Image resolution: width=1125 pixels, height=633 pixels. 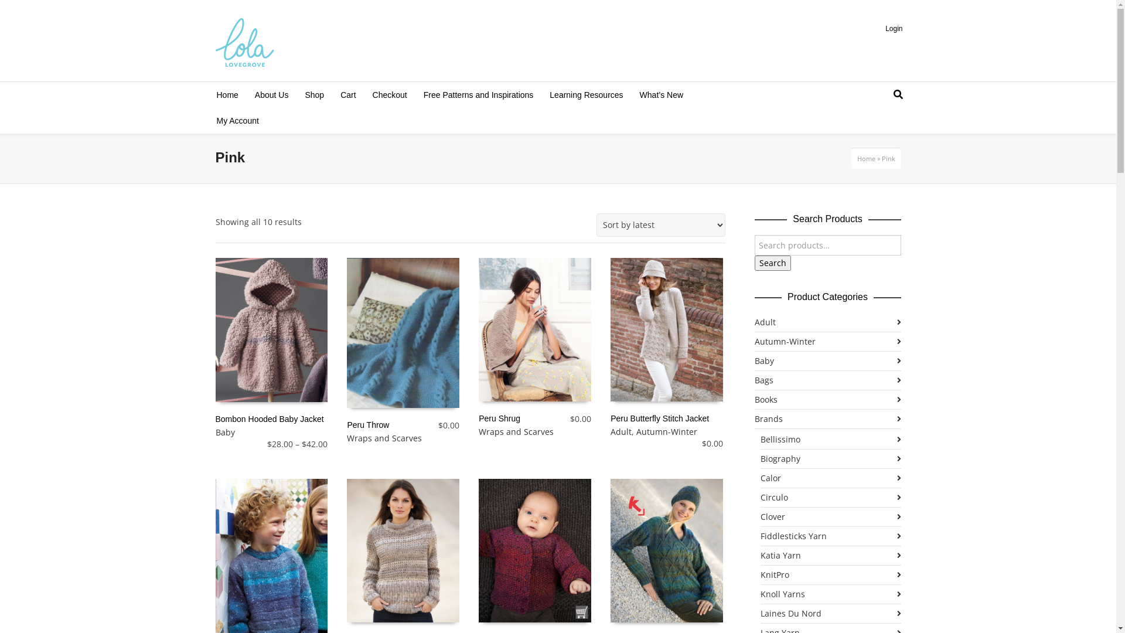 What do you see at coordinates (499, 417) in the screenshot?
I see `'Peru Shrug'` at bounding box center [499, 417].